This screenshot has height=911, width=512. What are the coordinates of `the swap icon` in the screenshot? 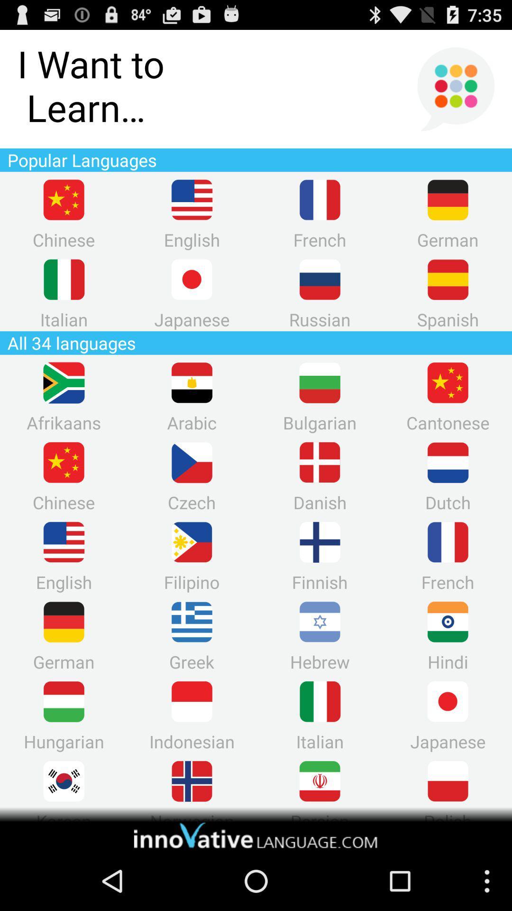 It's located at (192, 298).